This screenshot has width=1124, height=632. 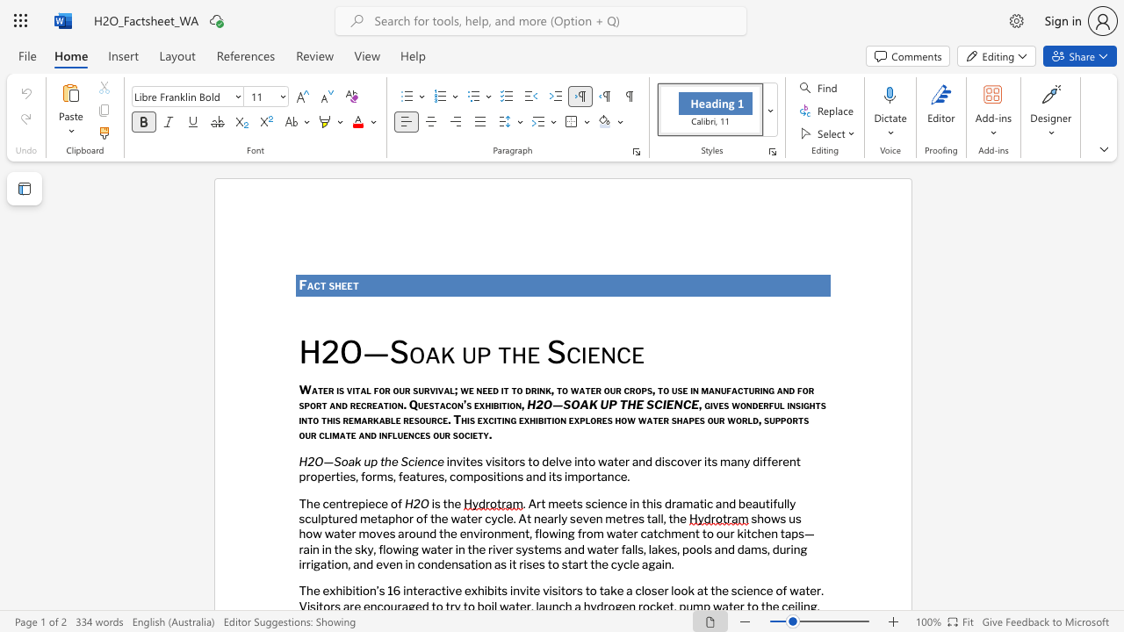 What do you see at coordinates (567, 533) in the screenshot?
I see `the subset text "g from water catchment to ou" within the text "shows us how water moves around the environment, flowing from water catchment to our kitchen taps"` at bounding box center [567, 533].